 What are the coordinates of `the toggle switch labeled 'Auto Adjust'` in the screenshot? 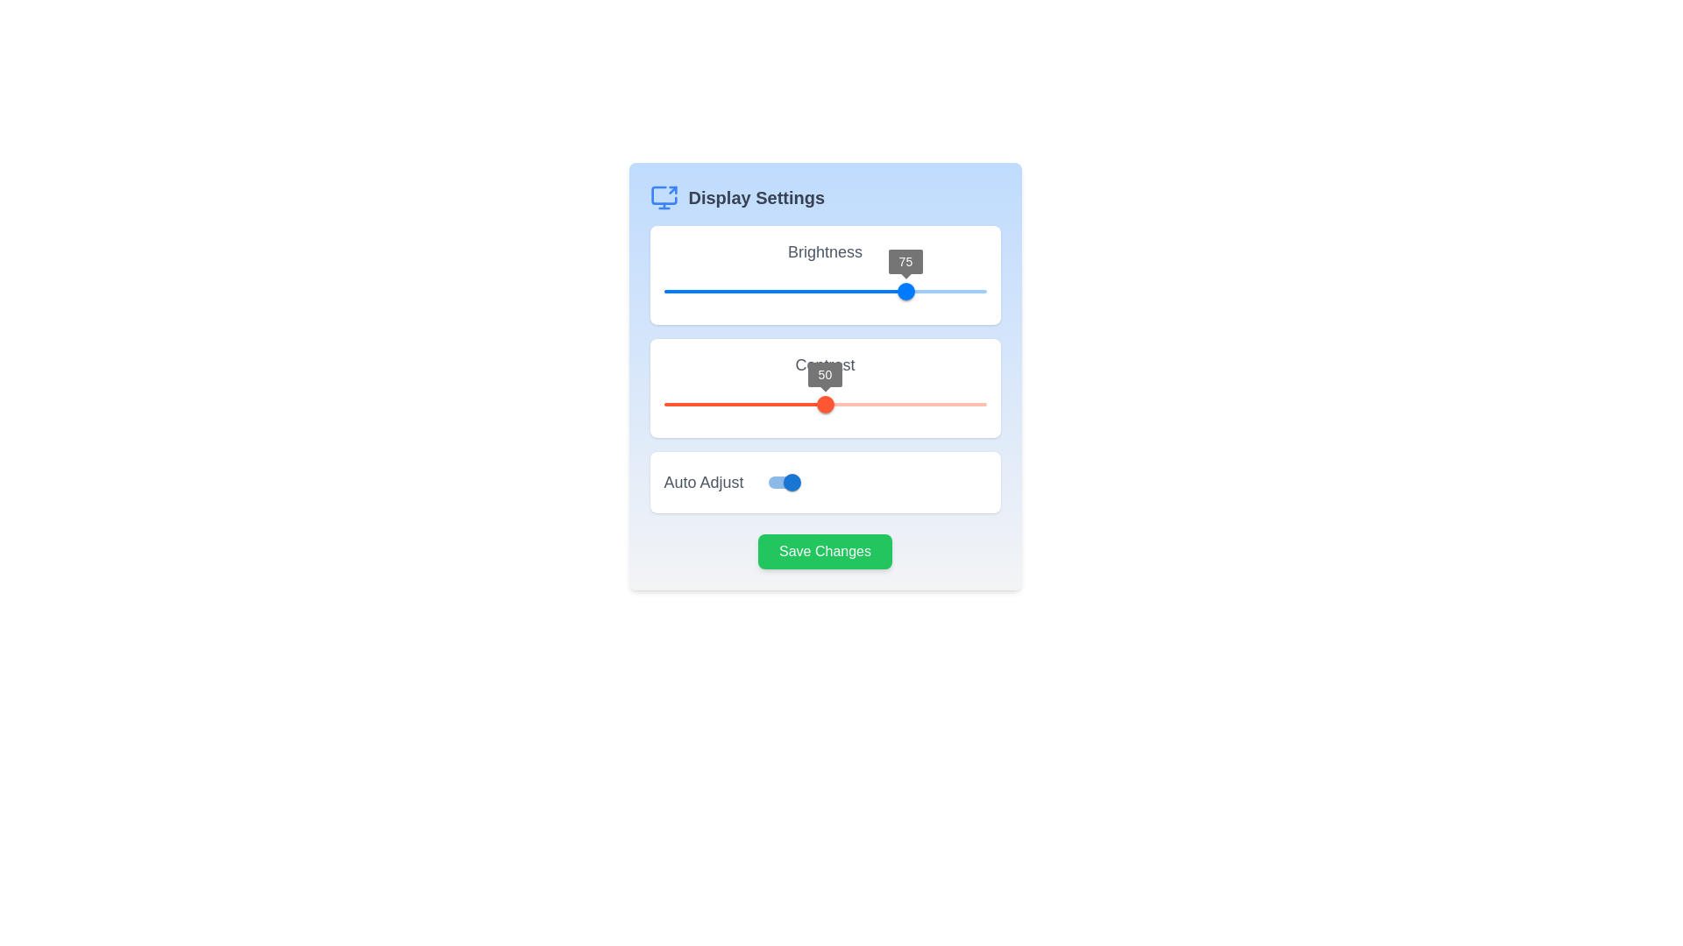 It's located at (791, 483).